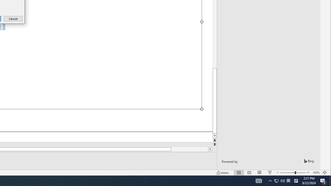  Describe the element at coordinates (13, 18) in the screenshot. I see `'Cancel'` at that location.